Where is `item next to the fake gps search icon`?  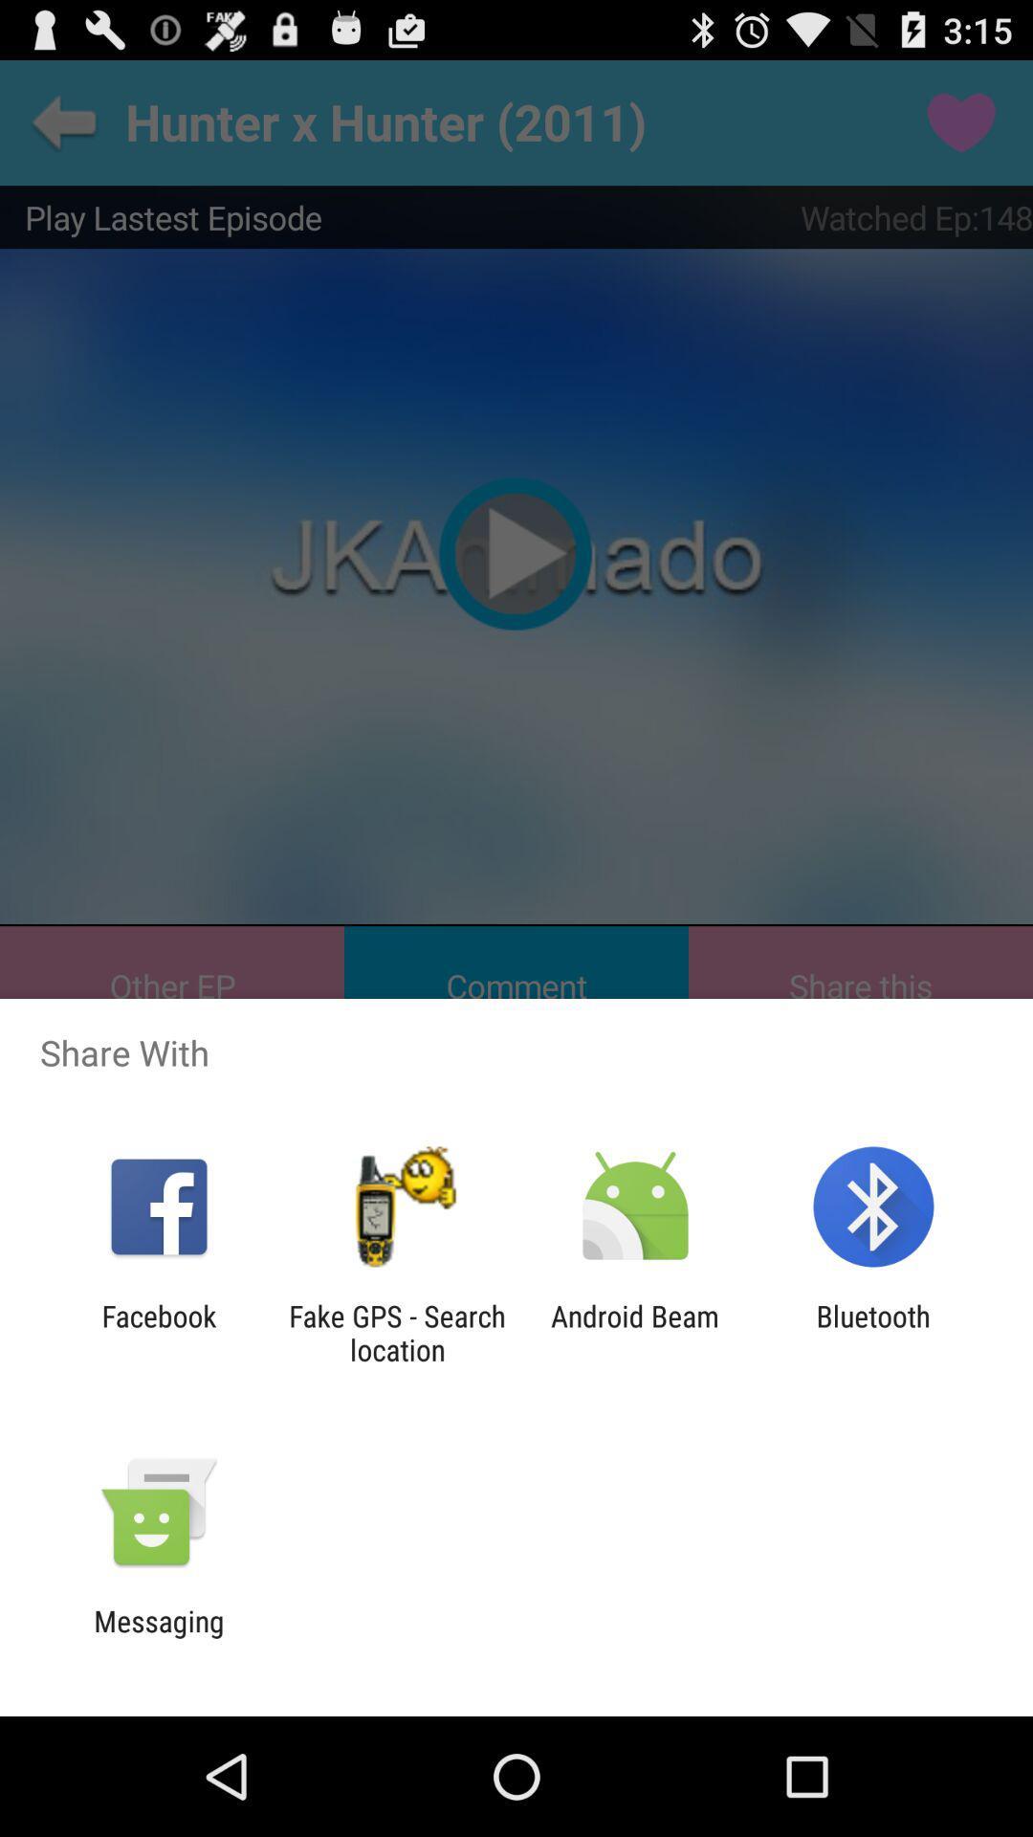
item next to the fake gps search icon is located at coordinates (158, 1332).